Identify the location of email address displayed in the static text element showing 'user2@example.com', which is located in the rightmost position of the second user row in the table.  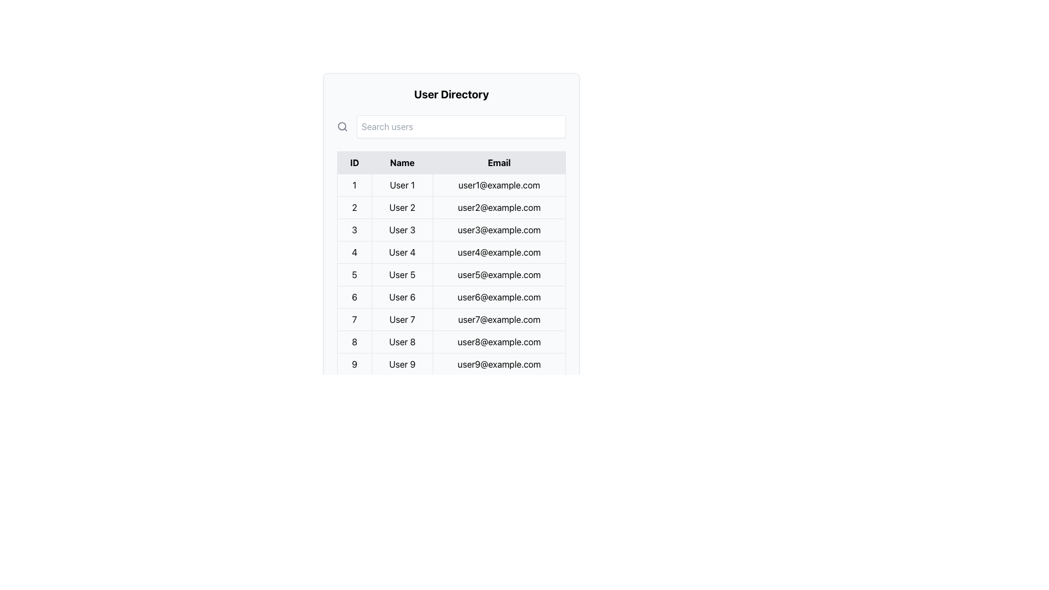
(498, 208).